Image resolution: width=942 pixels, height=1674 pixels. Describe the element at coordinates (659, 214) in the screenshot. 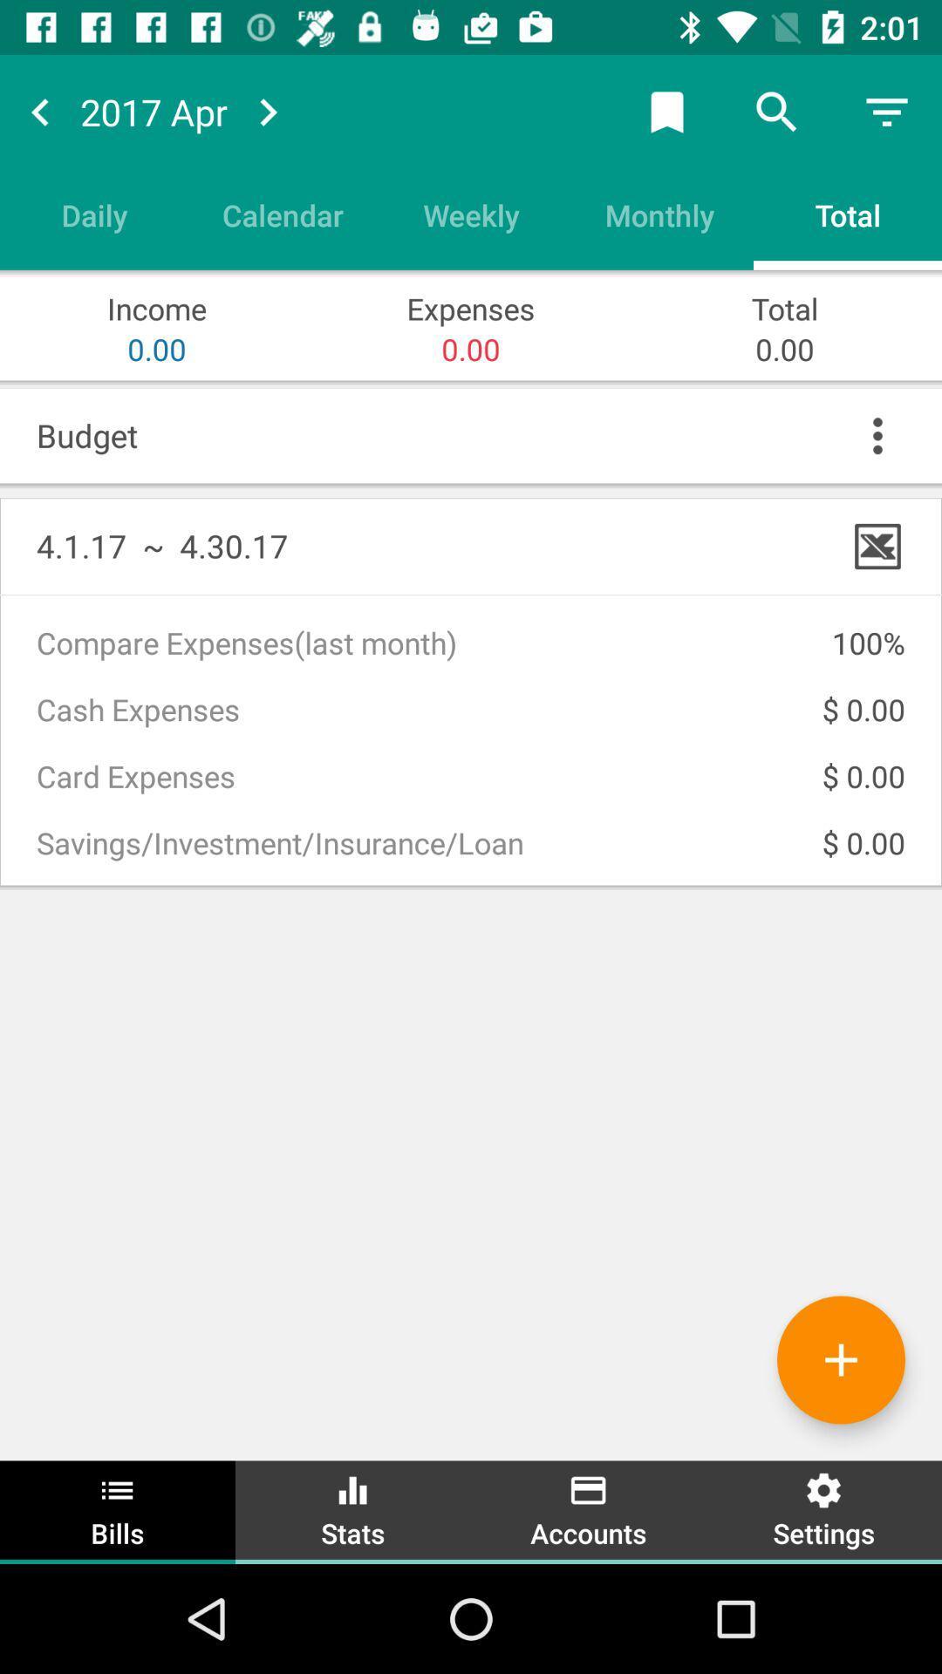

I see `the monthly item` at that location.